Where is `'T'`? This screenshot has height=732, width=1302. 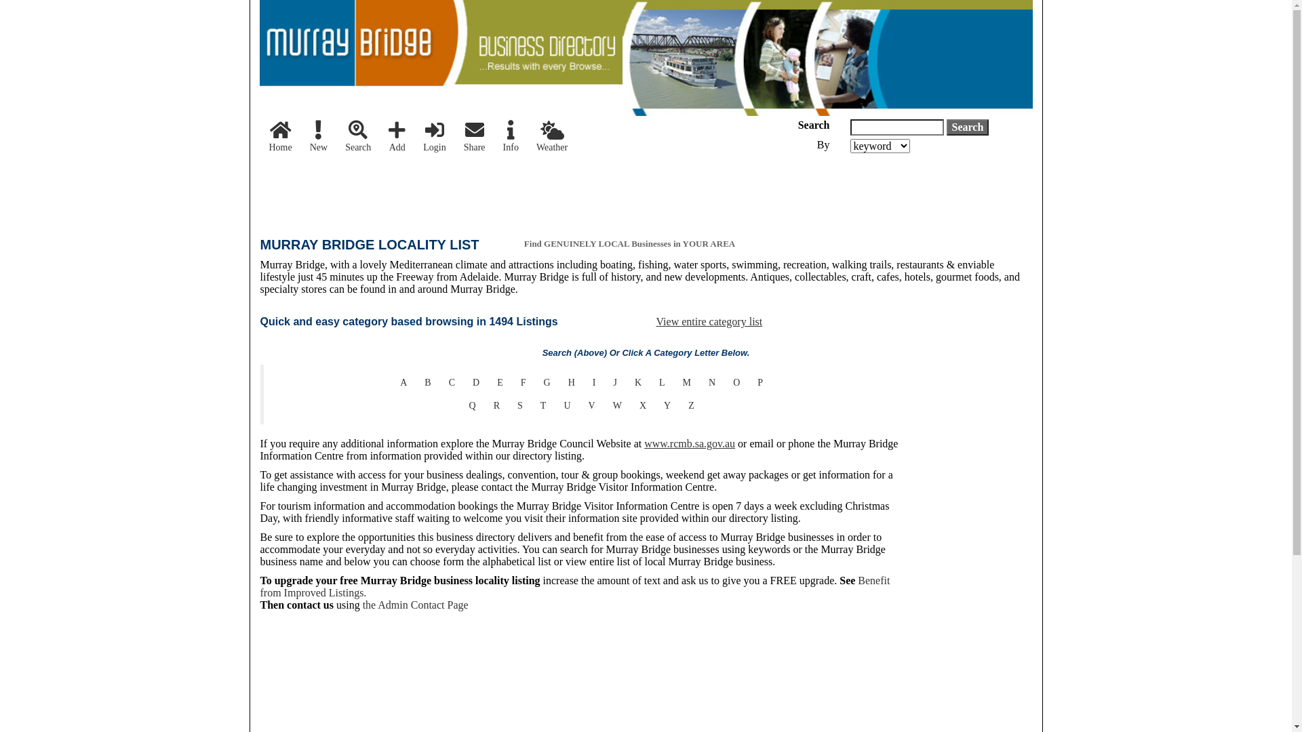 'T' is located at coordinates (543, 405).